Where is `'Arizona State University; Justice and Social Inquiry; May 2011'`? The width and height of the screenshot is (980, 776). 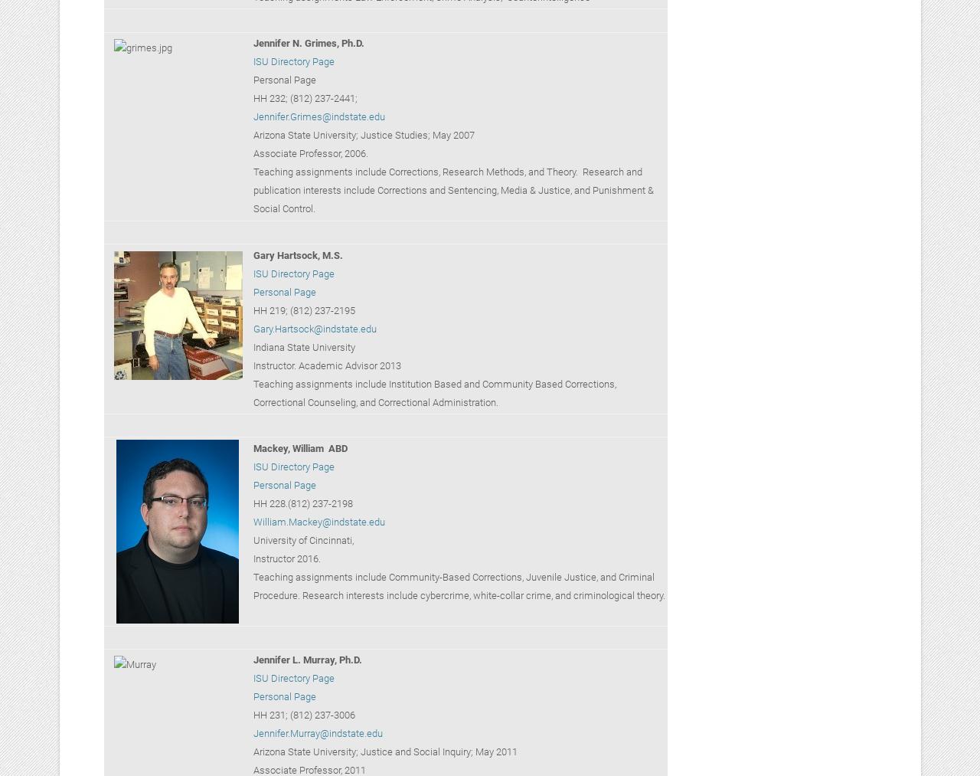 'Arizona State University; Justice and Social Inquiry; May 2011' is located at coordinates (384, 751).